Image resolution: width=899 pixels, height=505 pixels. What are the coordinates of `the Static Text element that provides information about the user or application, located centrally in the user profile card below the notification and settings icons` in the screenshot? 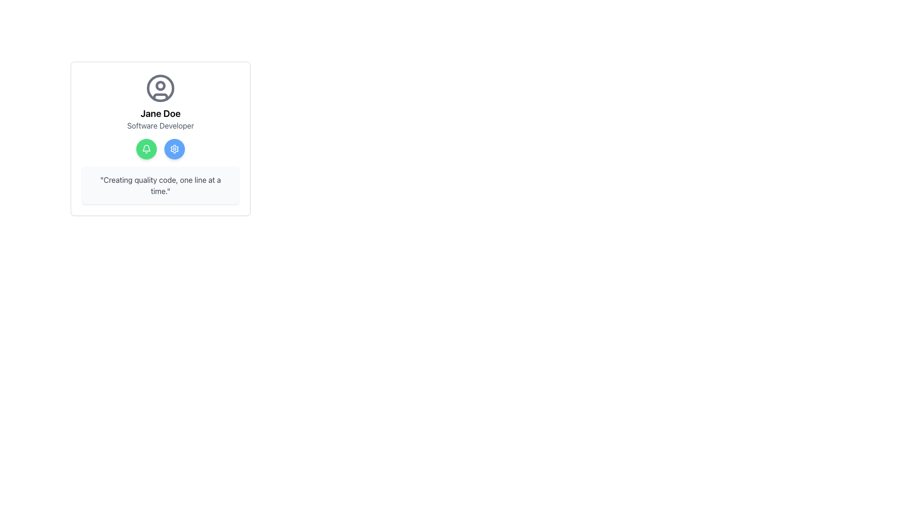 It's located at (160, 186).